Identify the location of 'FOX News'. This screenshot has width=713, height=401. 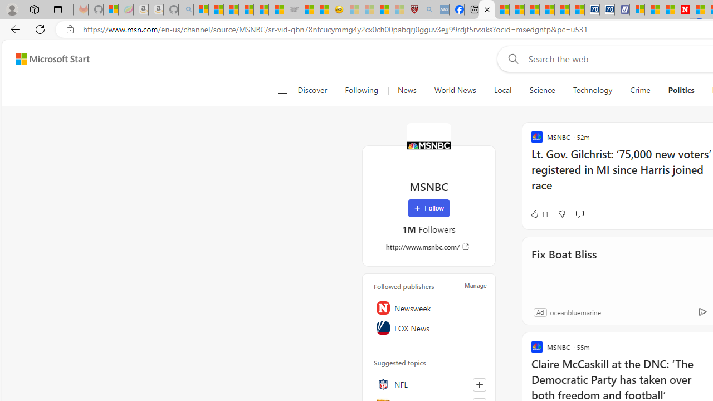
(428, 327).